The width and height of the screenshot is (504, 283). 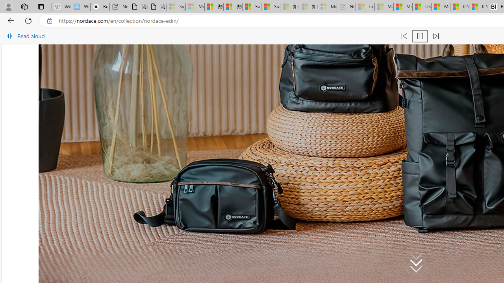 What do you see at coordinates (384, 7) in the screenshot?
I see `'Marine life - MSN - Sleeping'` at bounding box center [384, 7].